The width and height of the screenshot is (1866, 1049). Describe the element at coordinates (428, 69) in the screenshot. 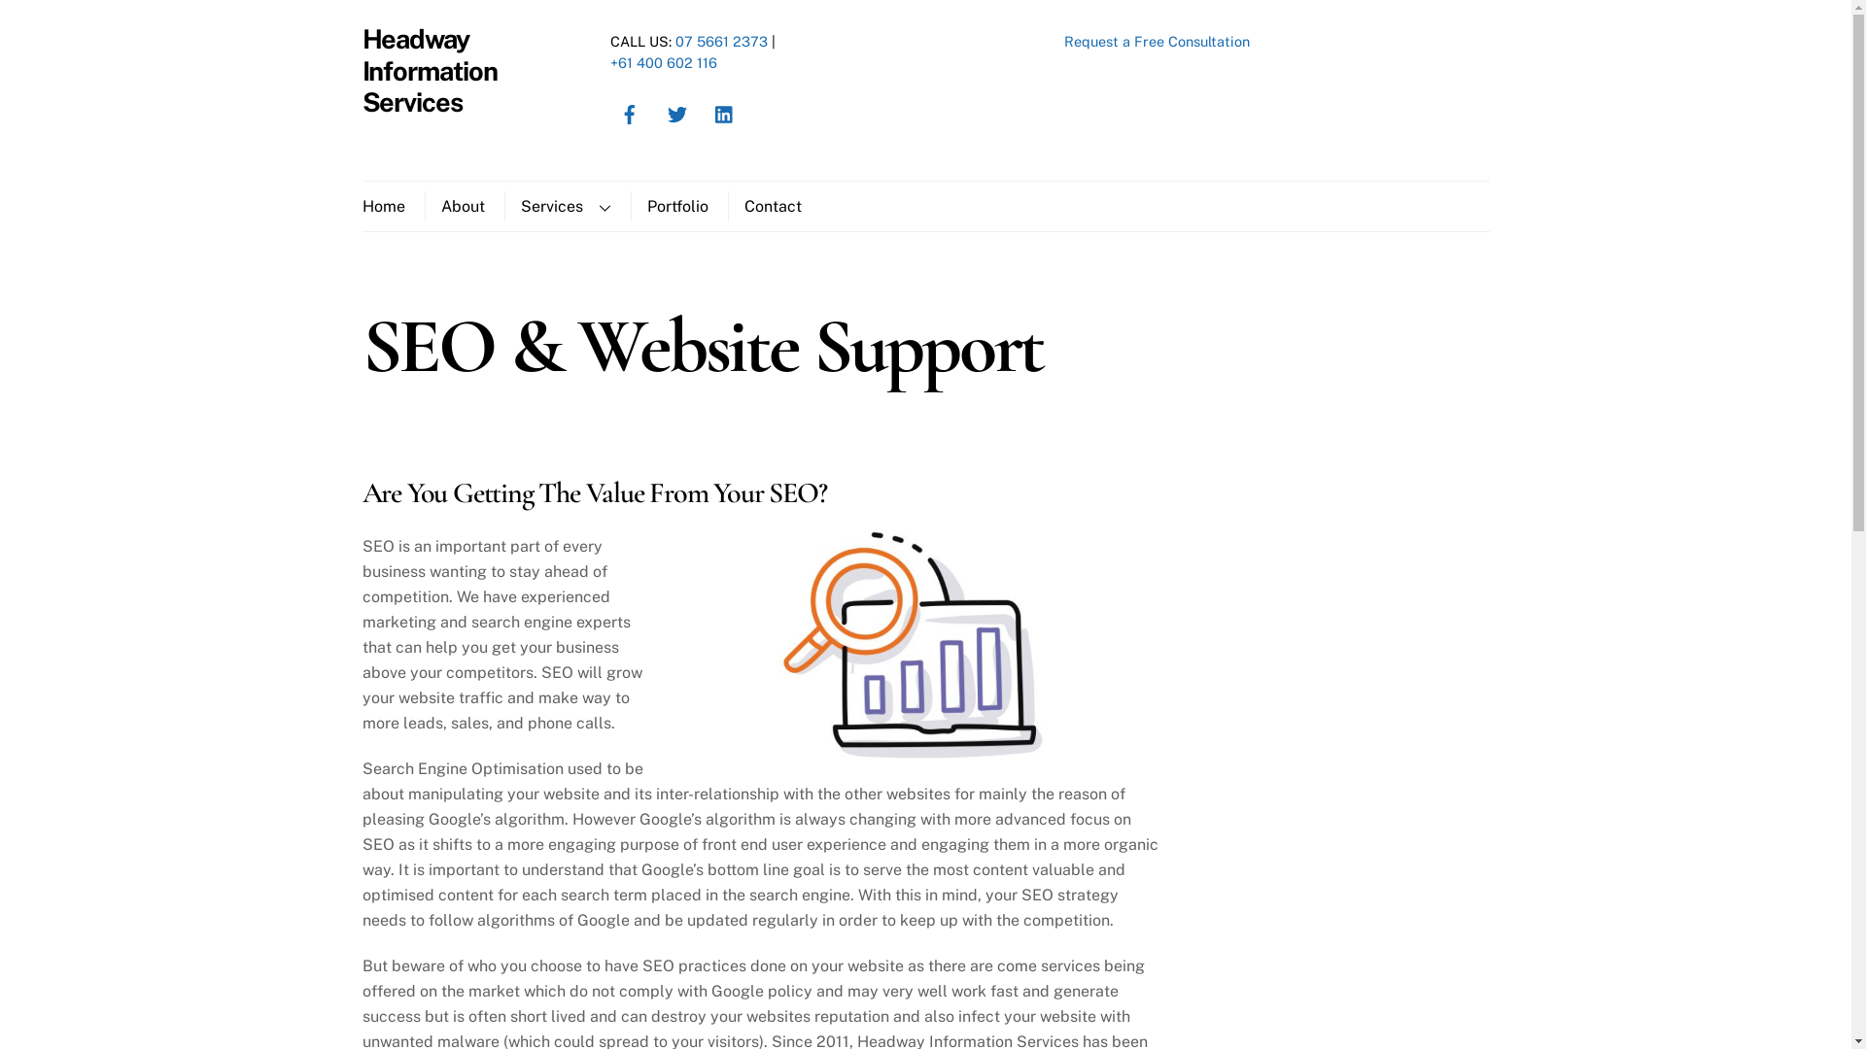

I see `'Headway Information Services'` at that location.